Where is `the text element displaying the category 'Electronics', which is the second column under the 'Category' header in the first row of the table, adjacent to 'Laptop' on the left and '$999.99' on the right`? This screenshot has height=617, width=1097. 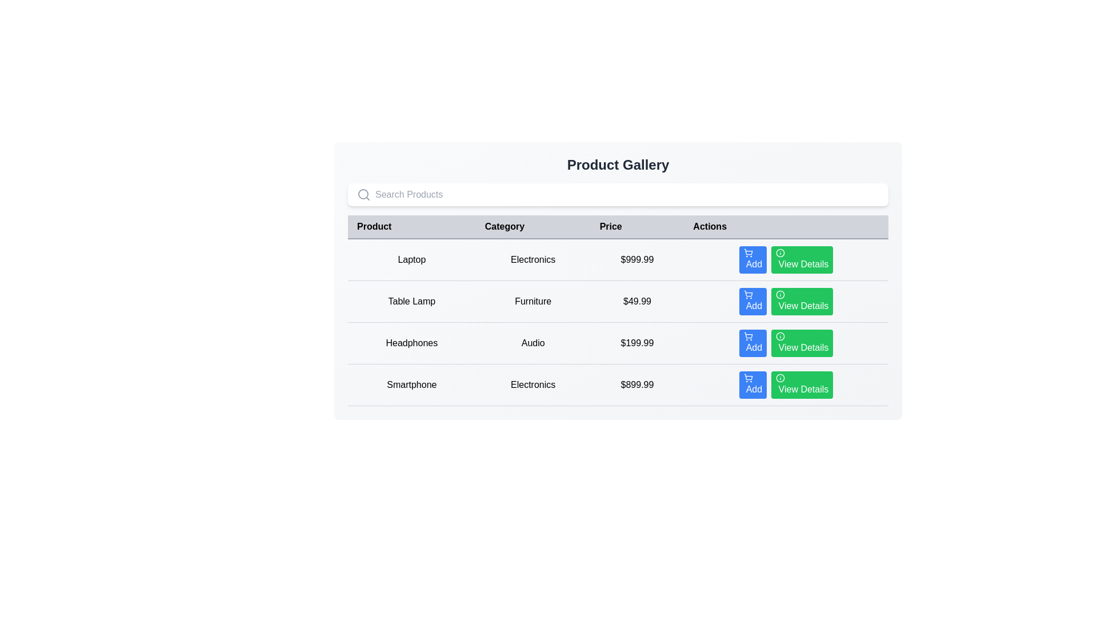 the text element displaying the category 'Electronics', which is the second column under the 'Category' header in the first row of the table, adjacent to 'Laptop' on the left and '$999.99' on the right is located at coordinates (533, 259).